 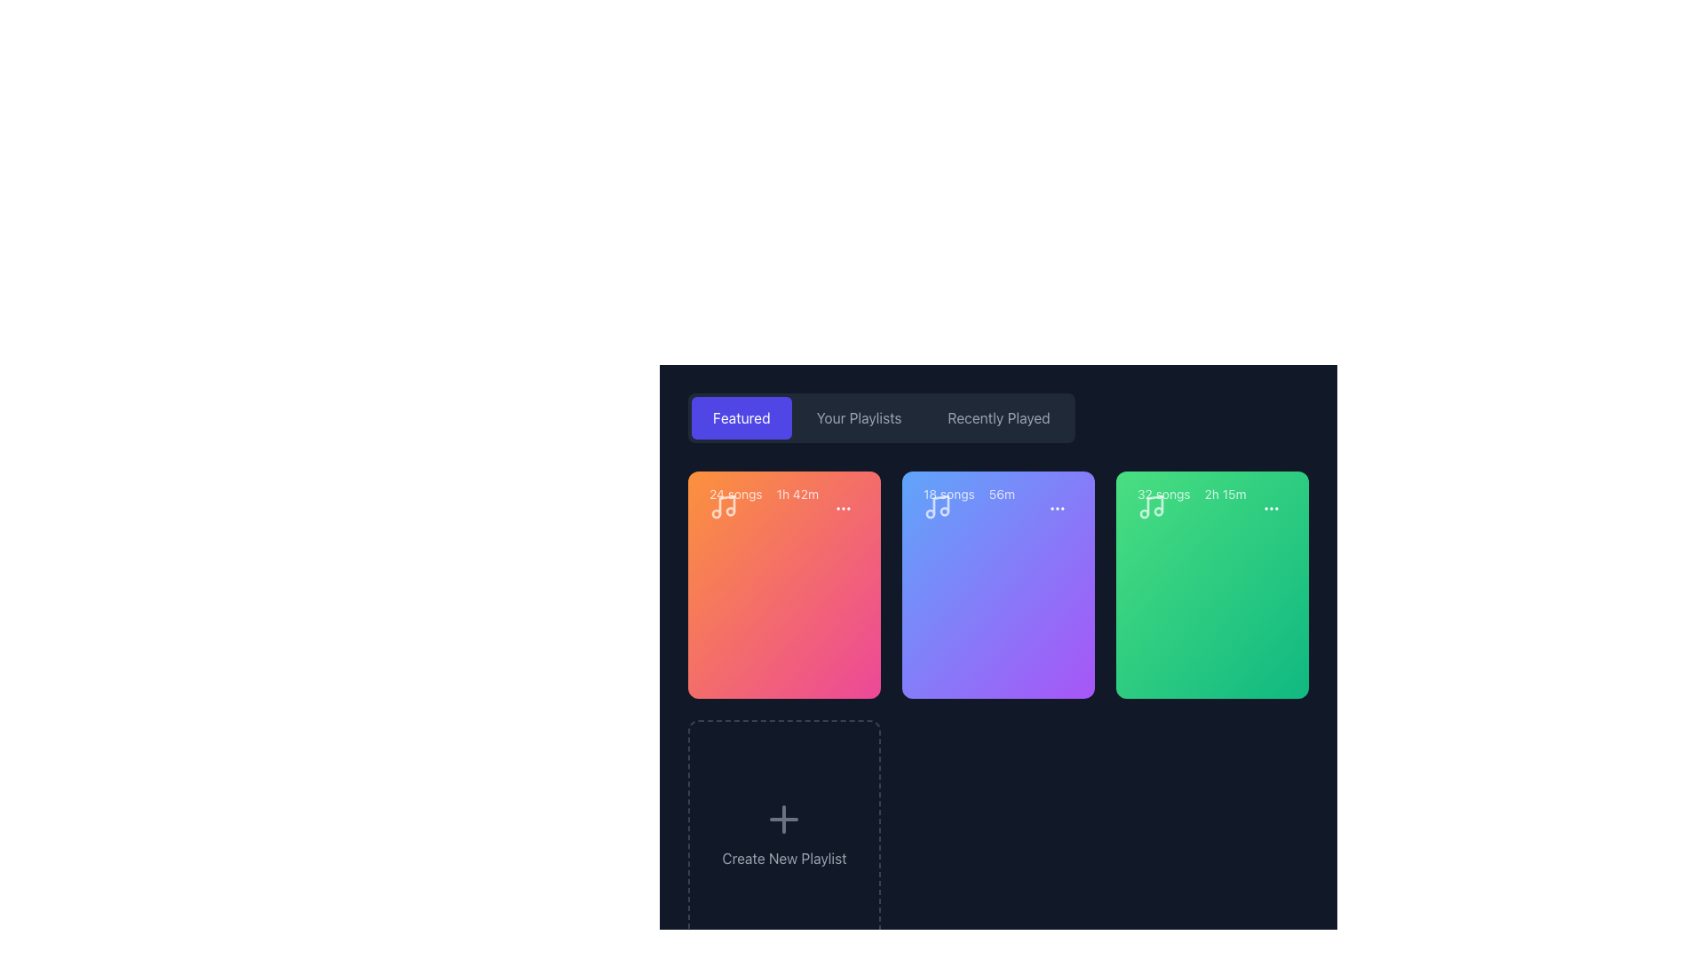 What do you see at coordinates (1002, 494) in the screenshot?
I see `the text display indicating the duration of a playlist, located to the right of the '18 songs' text in the bottom-right section of the card` at bounding box center [1002, 494].